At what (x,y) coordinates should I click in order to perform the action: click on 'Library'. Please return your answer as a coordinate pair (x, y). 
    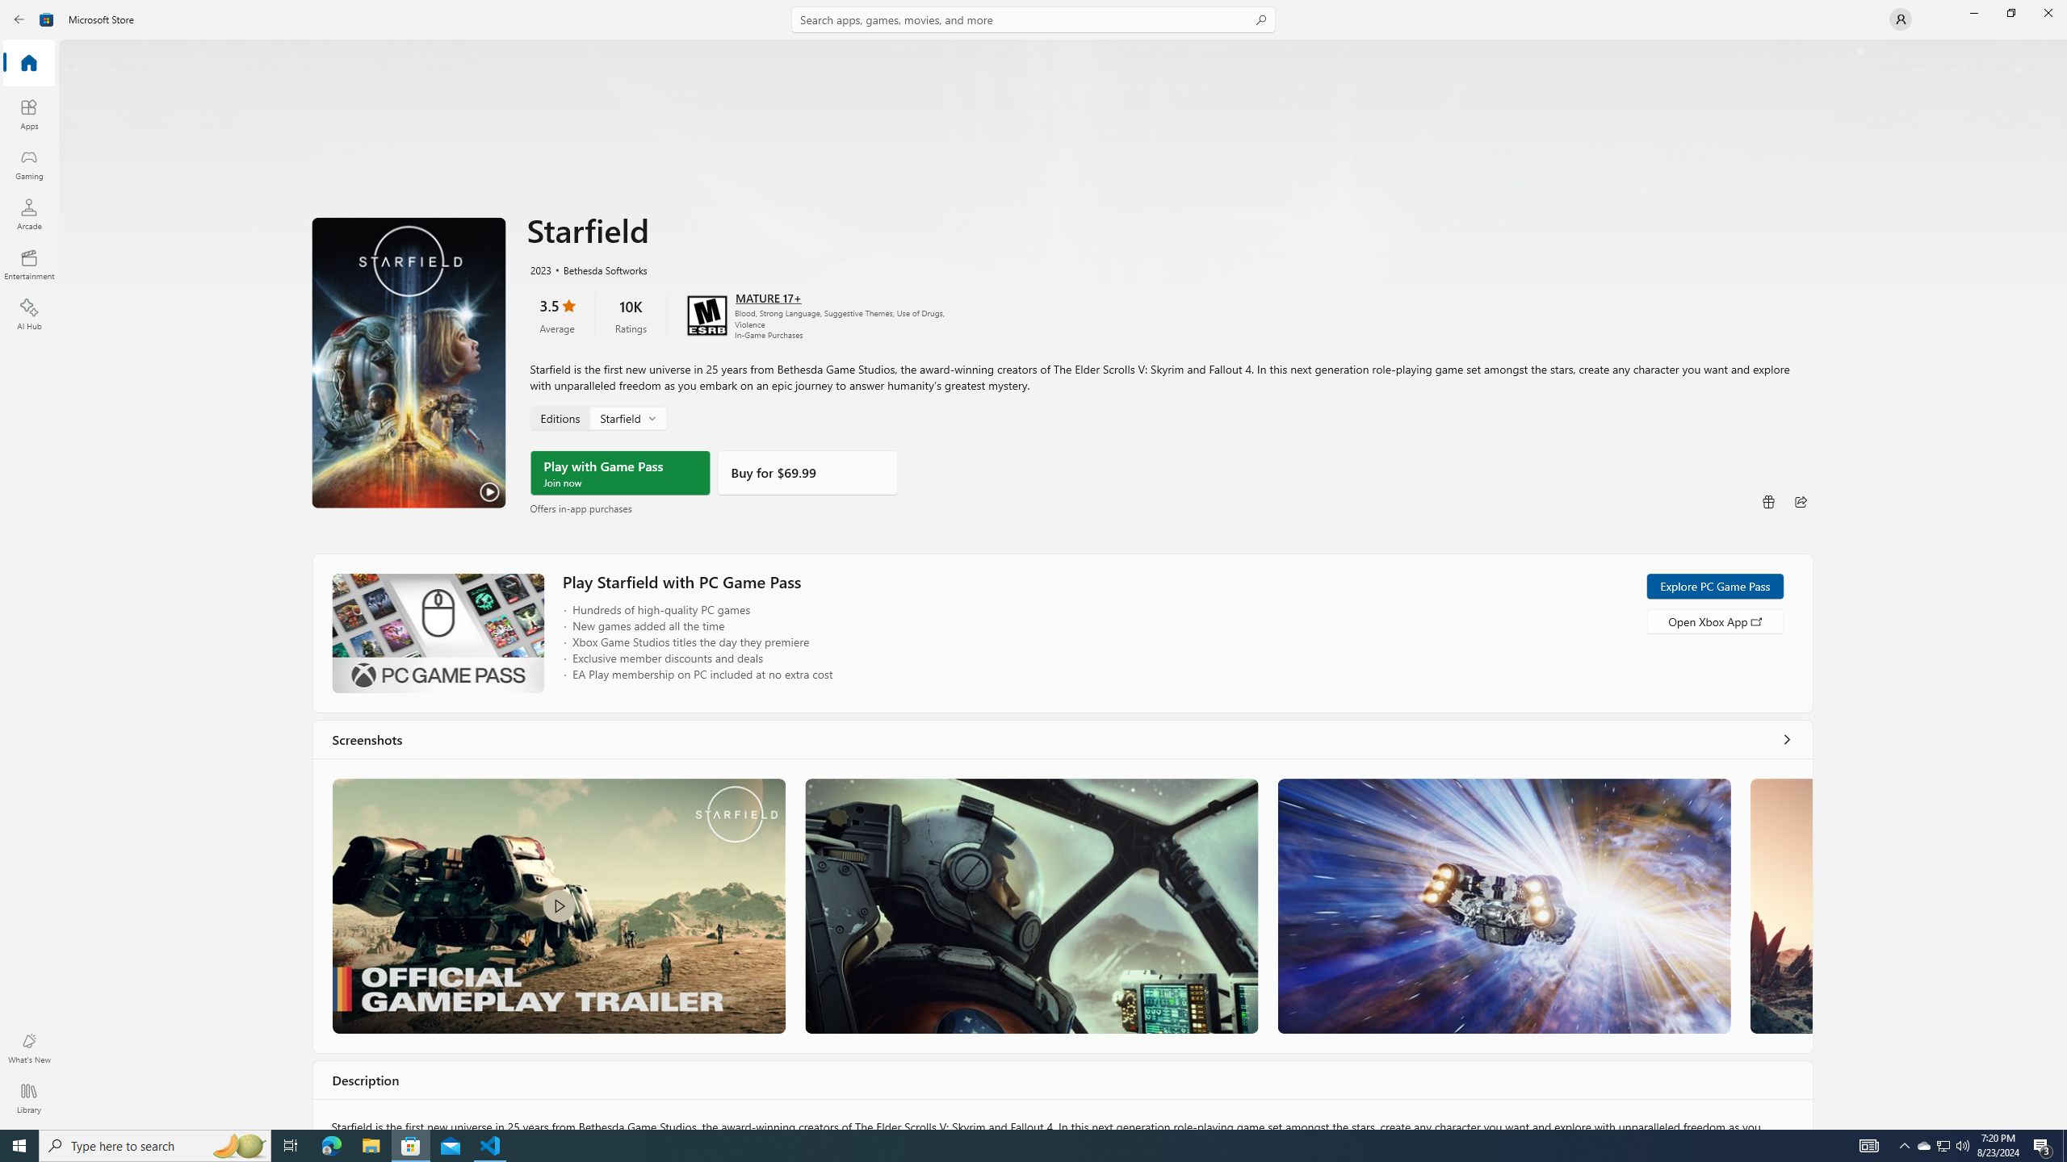
    Looking at the image, I should click on (27, 1097).